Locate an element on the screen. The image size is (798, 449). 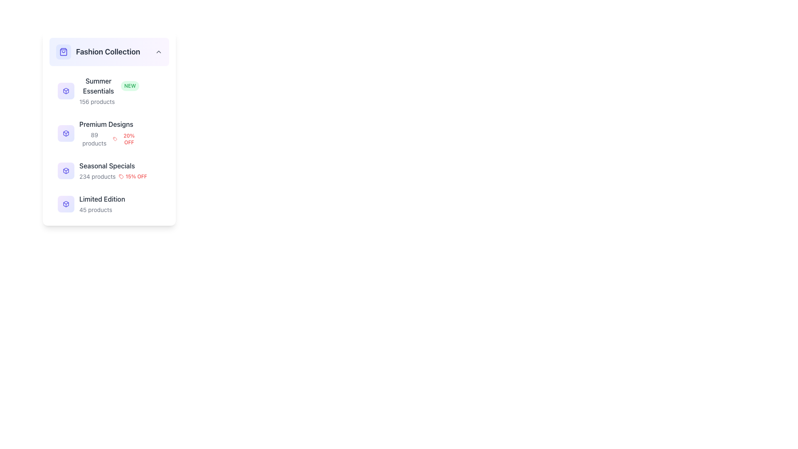
the Interactive collapsible title bar labeled 'Fashion Collection', which features a shopping bag icon and a chevron icon is located at coordinates (109, 52).